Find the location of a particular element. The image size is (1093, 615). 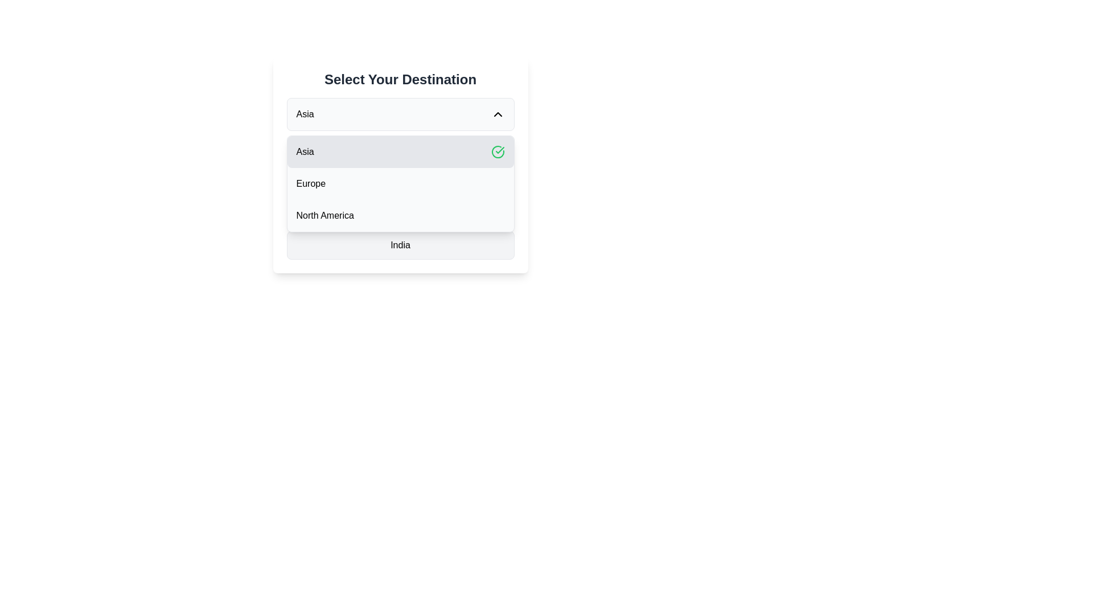

the 'Asia' text label within the dropdown option is located at coordinates (305, 151).